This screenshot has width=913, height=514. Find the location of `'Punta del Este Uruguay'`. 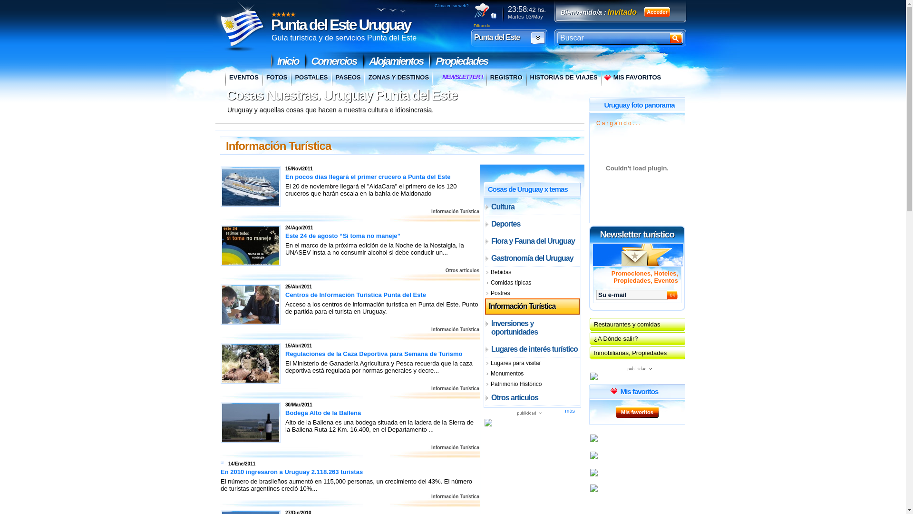

'Punta del Este Uruguay' is located at coordinates (340, 24).